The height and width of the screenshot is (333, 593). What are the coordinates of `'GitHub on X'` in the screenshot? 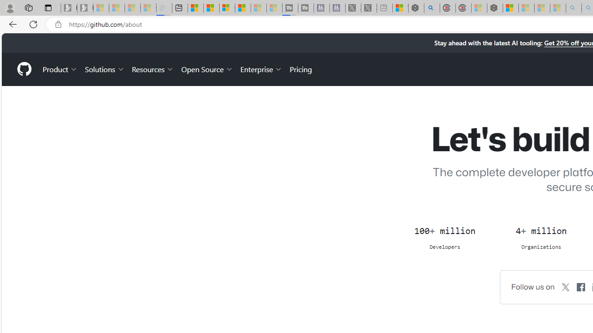 It's located at (565, 286).